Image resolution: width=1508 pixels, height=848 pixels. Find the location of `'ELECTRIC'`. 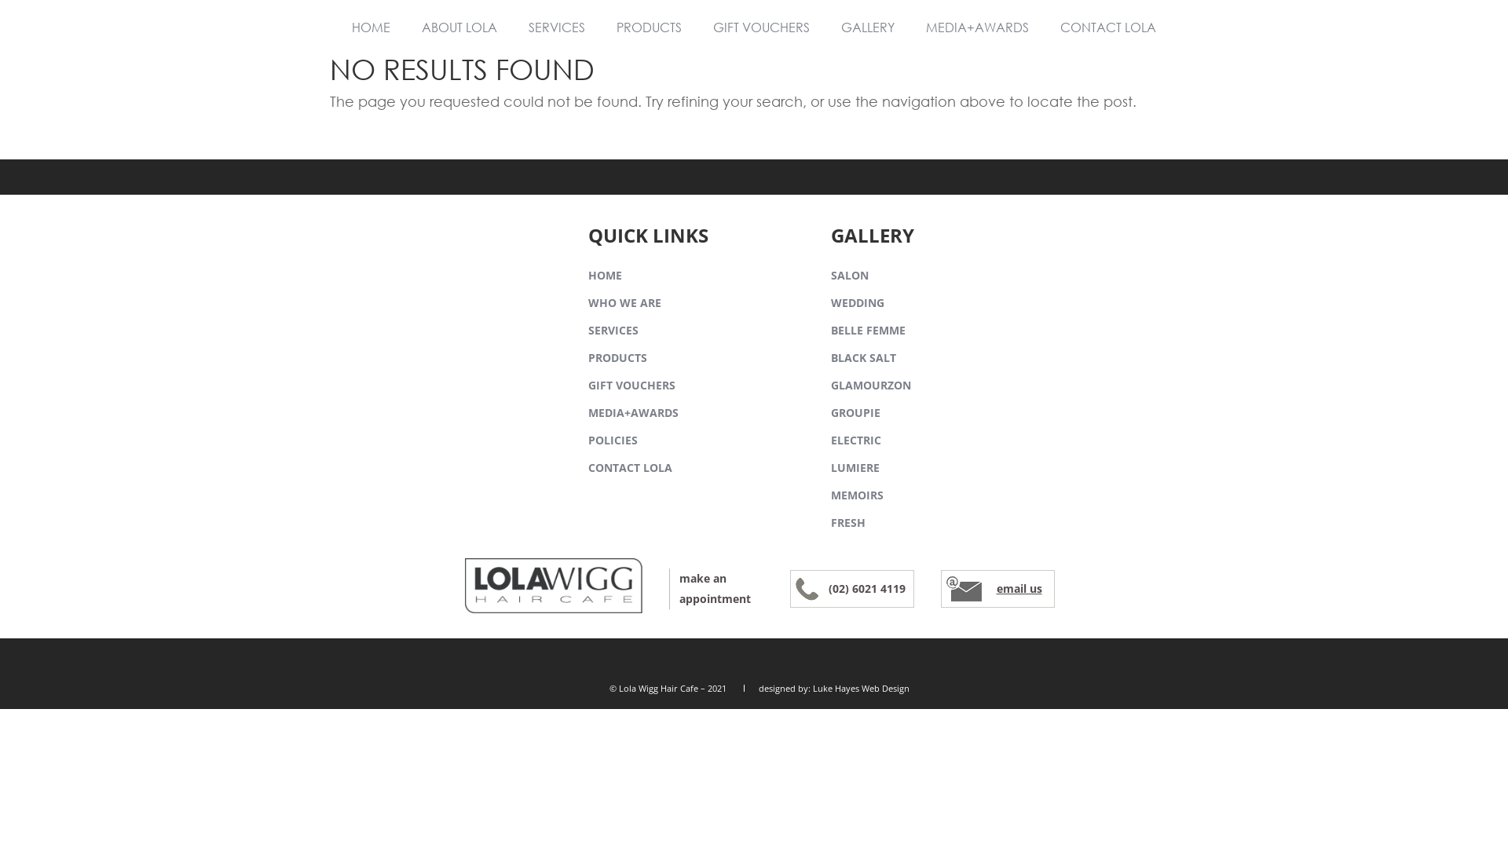

'ELECTRIC' is located at coordinates (855, 441).